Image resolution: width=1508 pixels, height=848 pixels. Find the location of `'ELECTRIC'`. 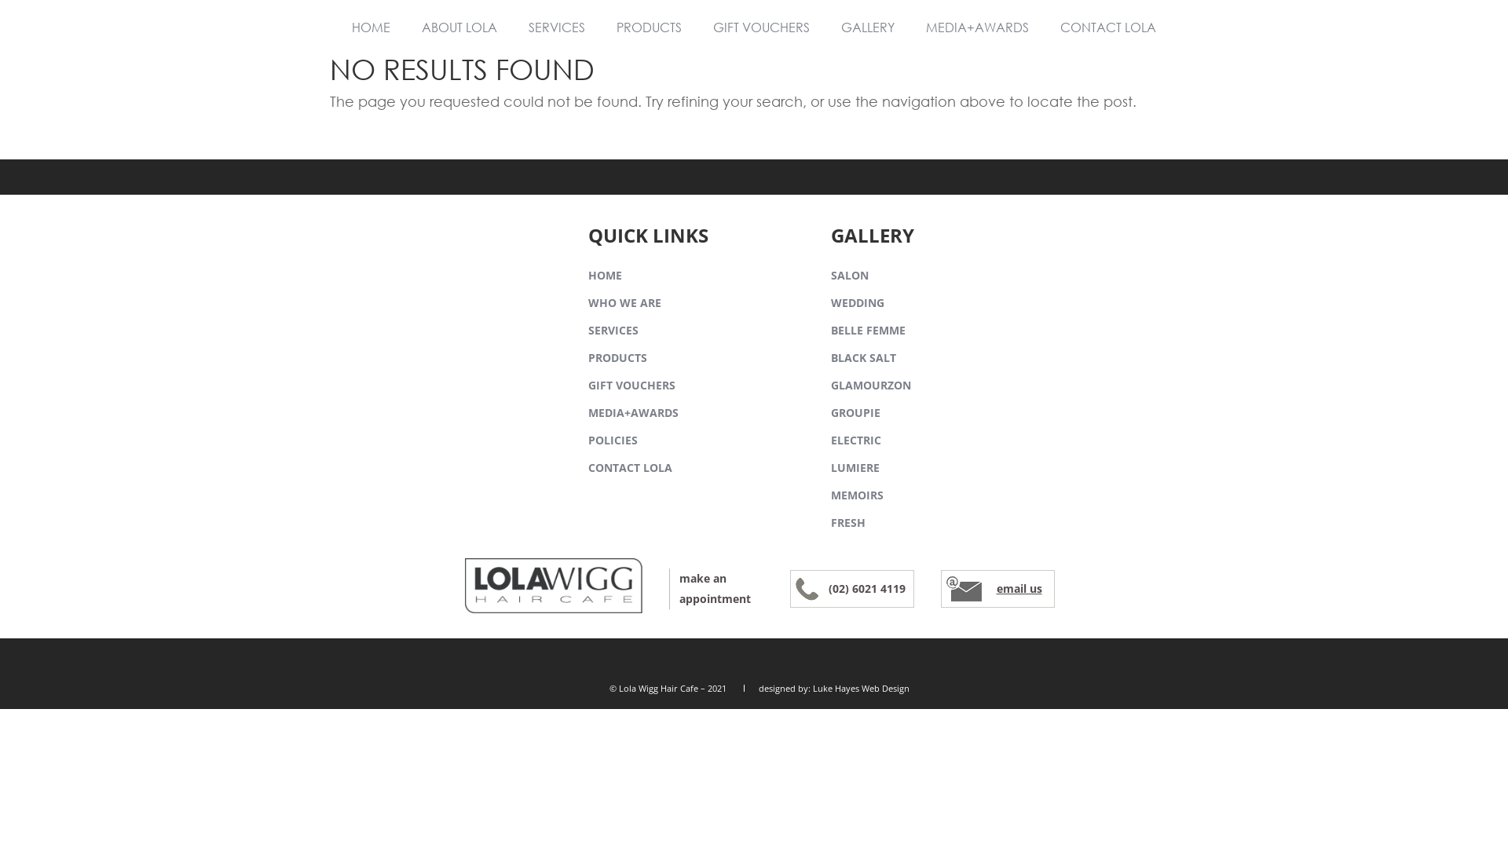

'ELECTRIC' is located at coordinates (855, 441).